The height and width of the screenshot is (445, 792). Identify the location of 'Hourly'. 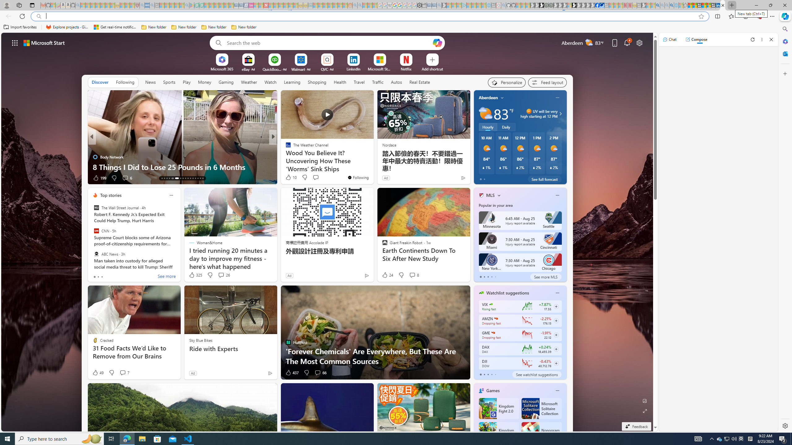
(487, 126).